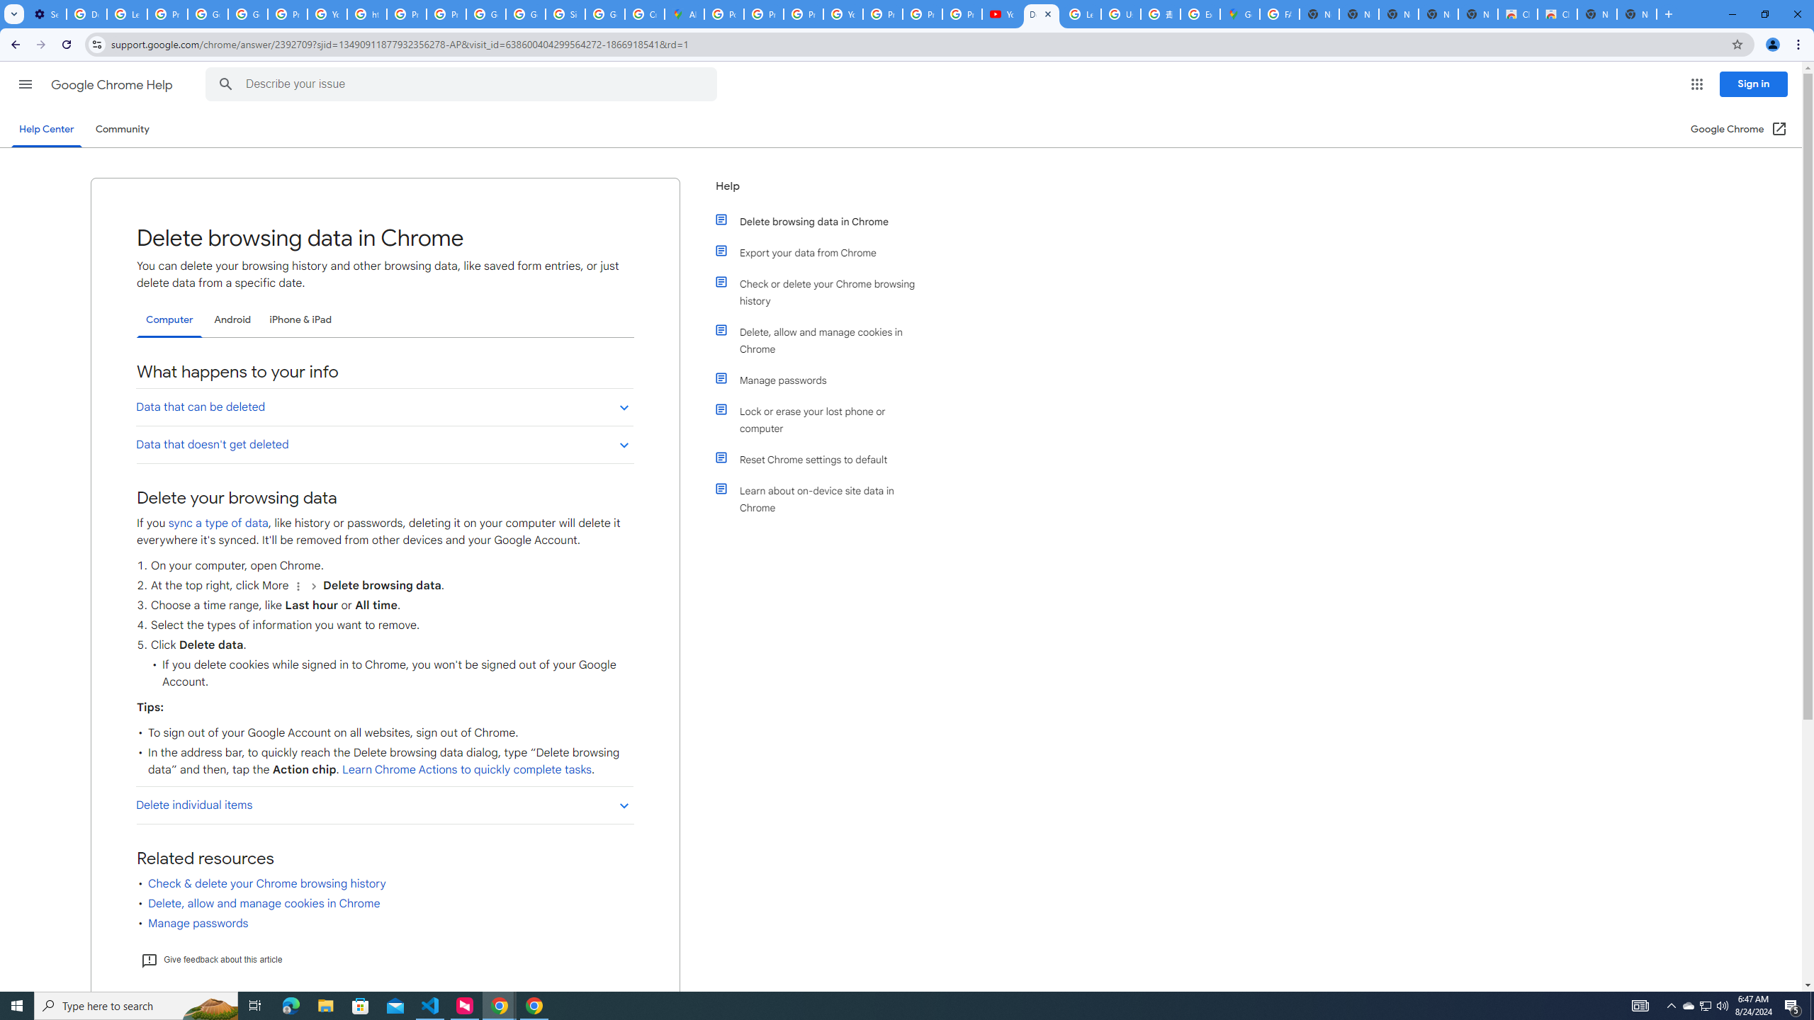  What do you see at coordinates (465, 770) in the screenshot?
I see `'Learn Chrome Actions to quickly complete tasks'` at bounding box center [465, 770].